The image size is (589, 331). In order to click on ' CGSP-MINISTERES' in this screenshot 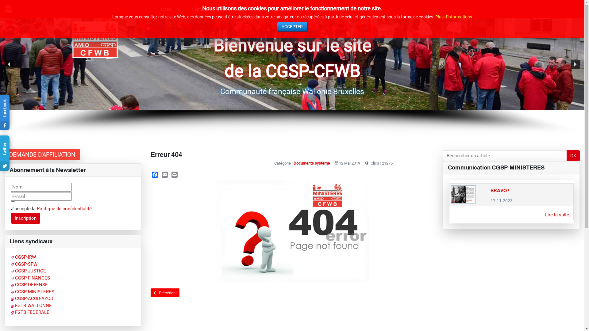, I will do `click(10, 291)`.